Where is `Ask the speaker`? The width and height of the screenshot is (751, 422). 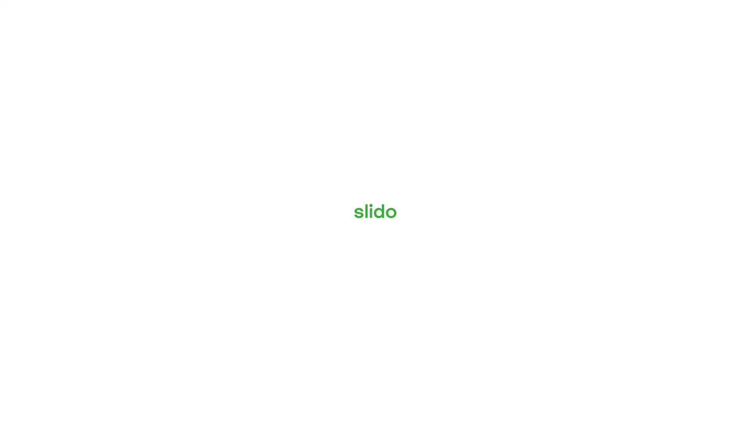 Ask the speaker is located at coordinates (697, 398).